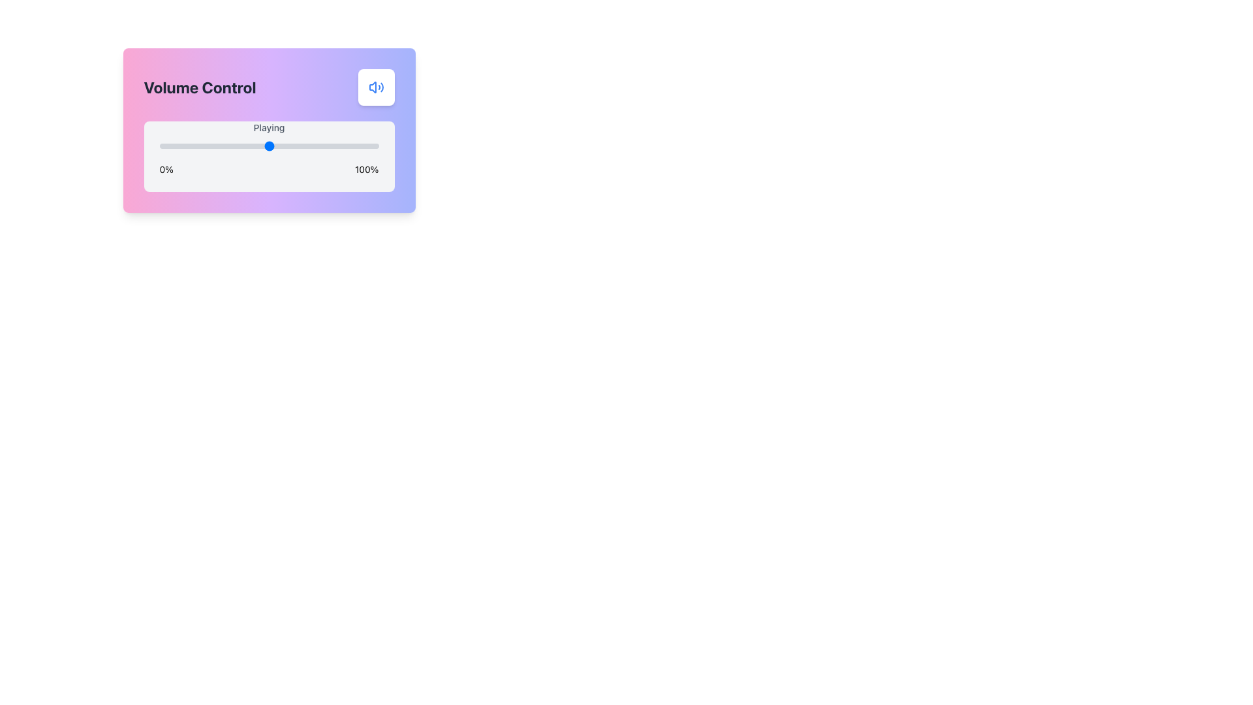  I want to click on the playback position, so click(264, 146).